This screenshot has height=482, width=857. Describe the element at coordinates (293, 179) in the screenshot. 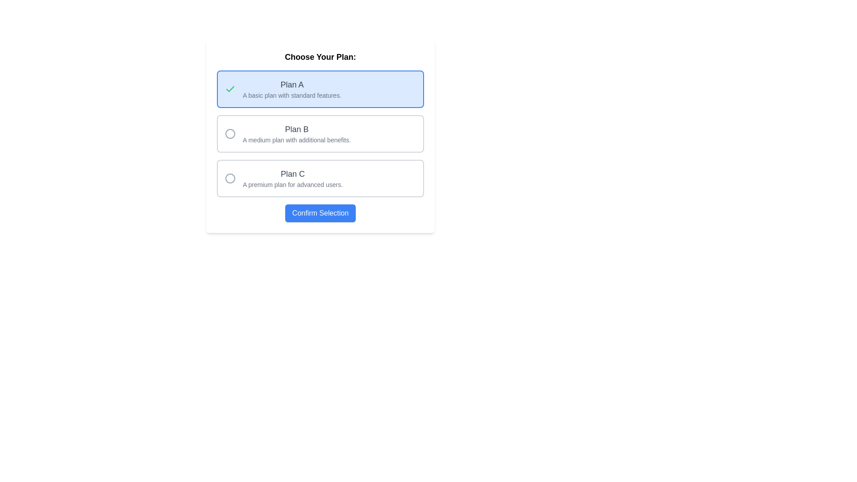

I see `the descriptive text element for the 'Plan C' option in the plan selection UI` at that location.